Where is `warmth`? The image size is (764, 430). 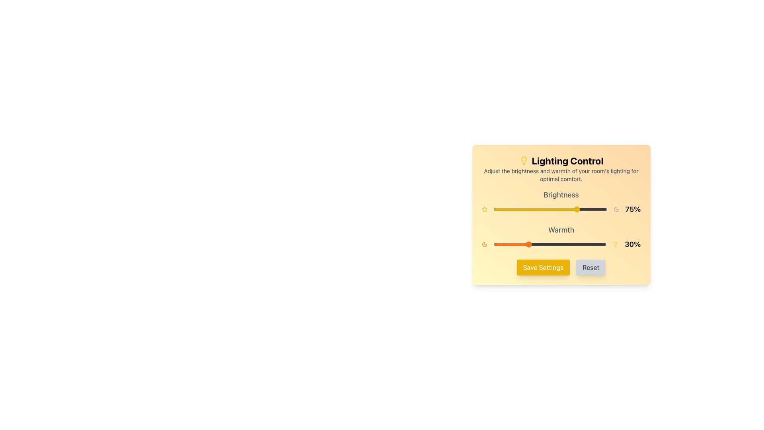 warmth is located at coordinates (513, 244).